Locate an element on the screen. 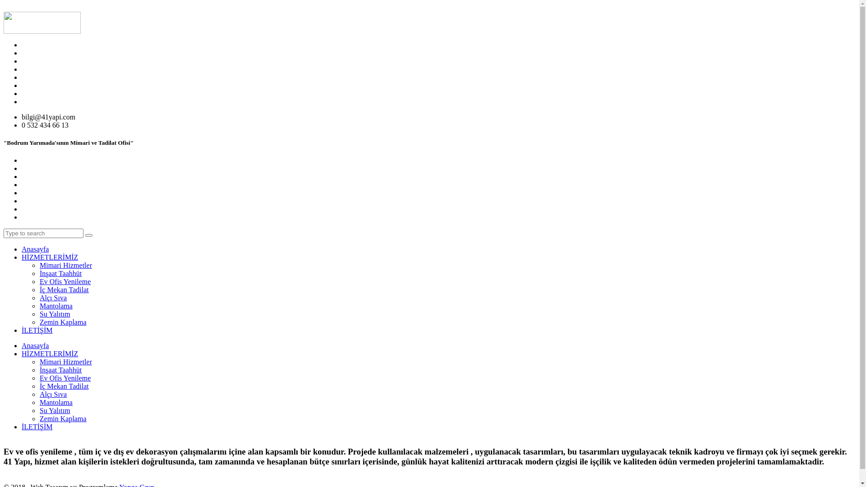  'Anasayfa' is located at coordinates (35, 345).